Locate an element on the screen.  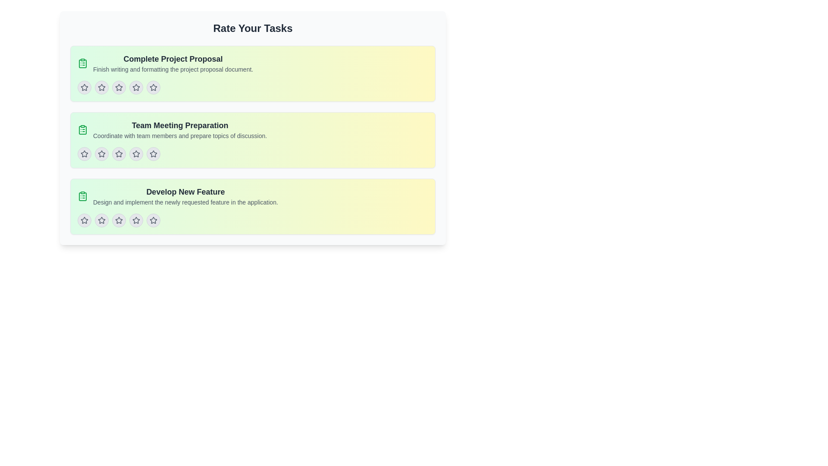
the second star icon in the rating section under 'Complete Project Proposal' is located at coordinates (118, 87).